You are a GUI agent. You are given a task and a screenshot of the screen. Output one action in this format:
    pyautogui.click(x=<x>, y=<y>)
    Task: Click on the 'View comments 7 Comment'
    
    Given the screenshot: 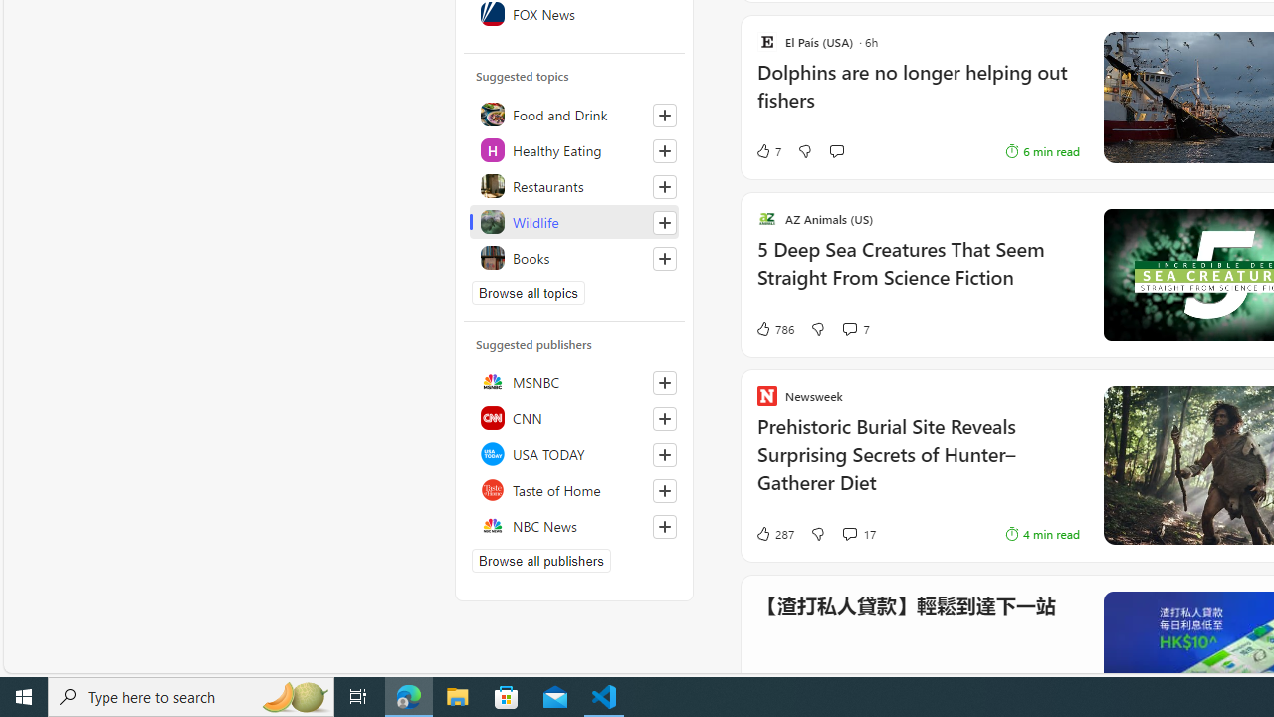 What is the action you would take?
    pyautogui.click(x=849, y=328)
    